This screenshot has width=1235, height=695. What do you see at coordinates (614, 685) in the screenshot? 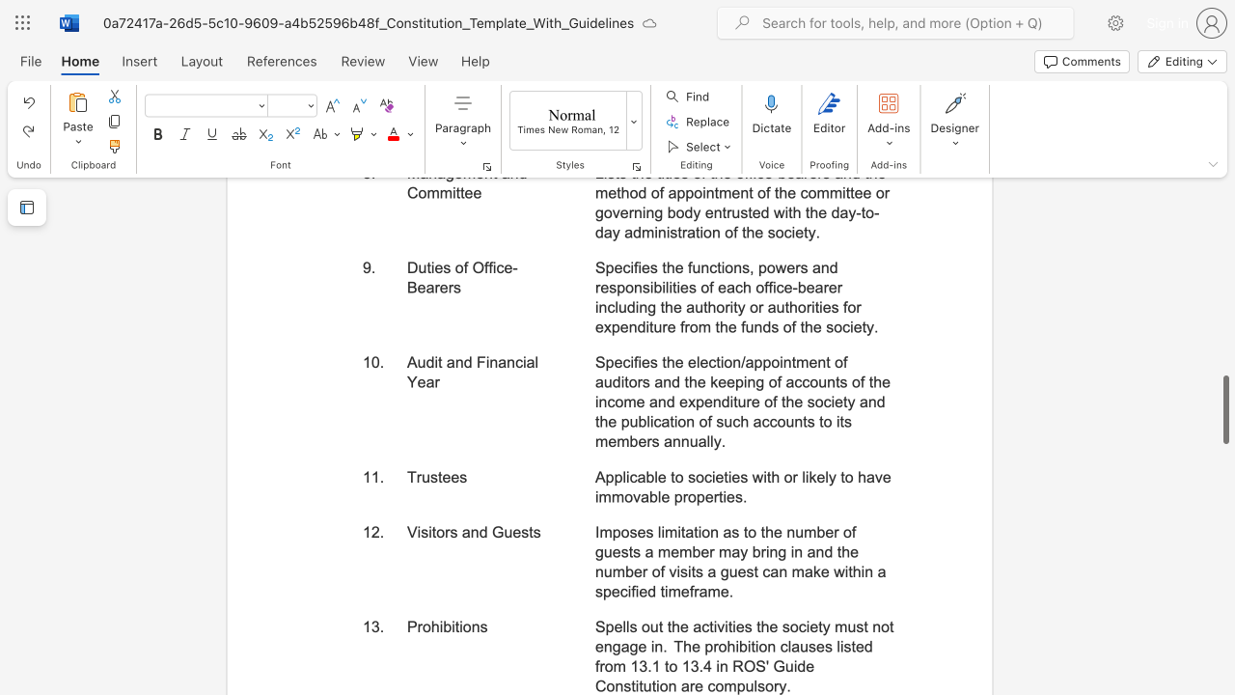
I see `the subset text "nstitution are compul" within the text "Spells out the activities the society must not engage in.  The prohibition clauses listed from 13.1 to 13.4 in ROS"` at bounding box center [614, 685].